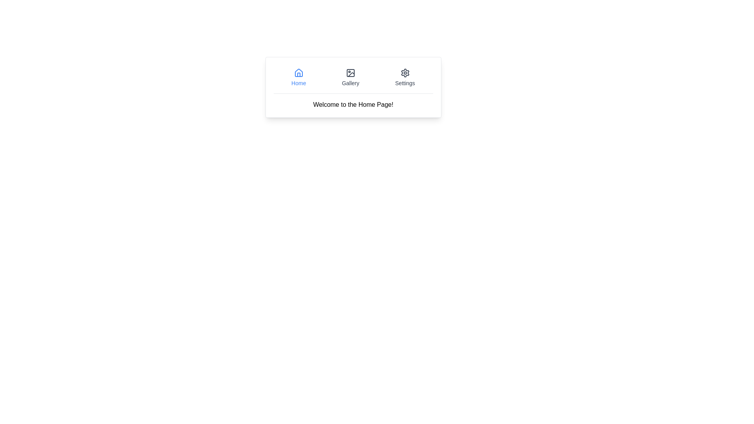 The image size is (754, 424). I want to click on the 'Settings' button, which features a gear-shaped icon and the text 'Settings', located on the far-right side of the header section, so click(405, 77).